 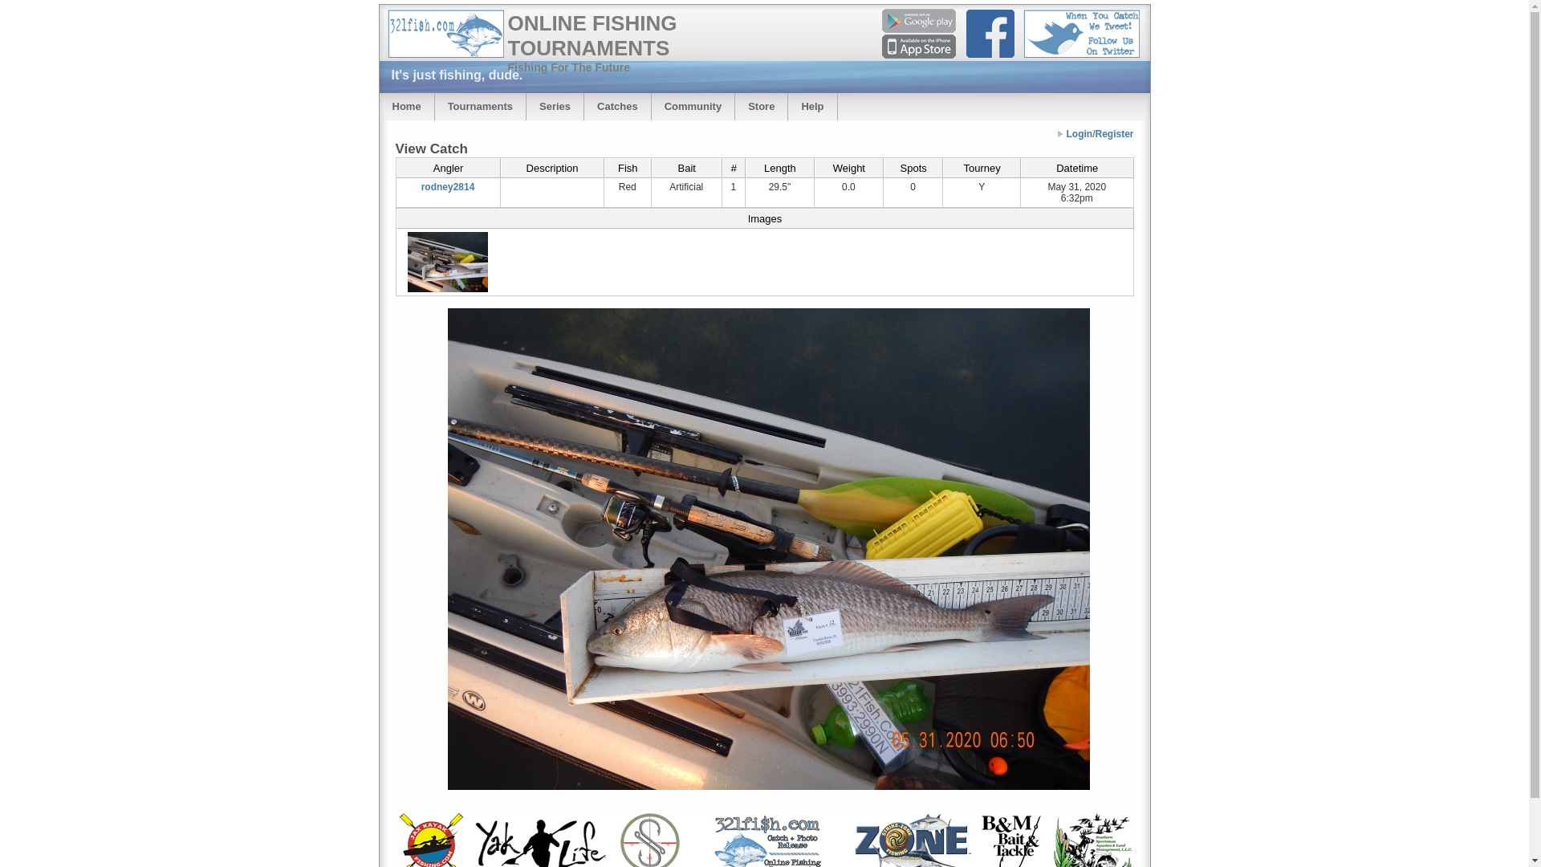 What do you see at coordinates (1080, 34) in the screenshot?
I see `'Follow Us On Twitter - When You Catch We Tweet!'` at bounding box center [1080, 34].